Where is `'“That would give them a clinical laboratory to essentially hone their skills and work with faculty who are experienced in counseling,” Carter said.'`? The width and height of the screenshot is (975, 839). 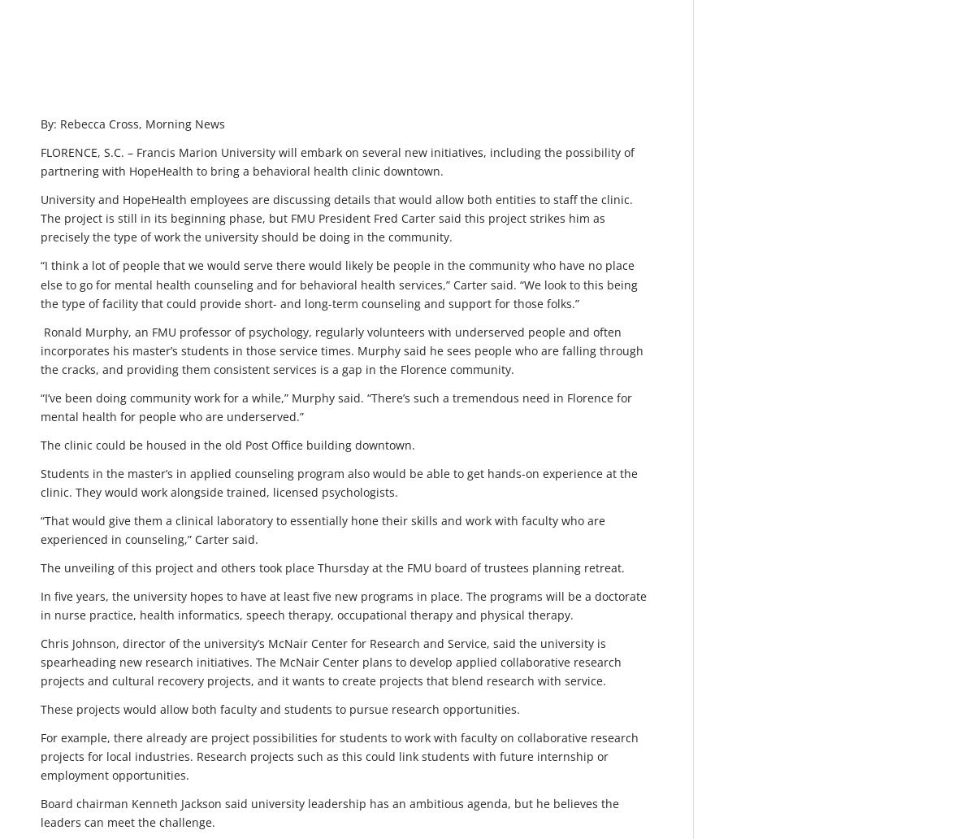 '“That would give them a clinical laboratory to essentially hone their skills and work with faculty who are experienced in counseling,” Carter said.' is located at coordinates (323, 528).